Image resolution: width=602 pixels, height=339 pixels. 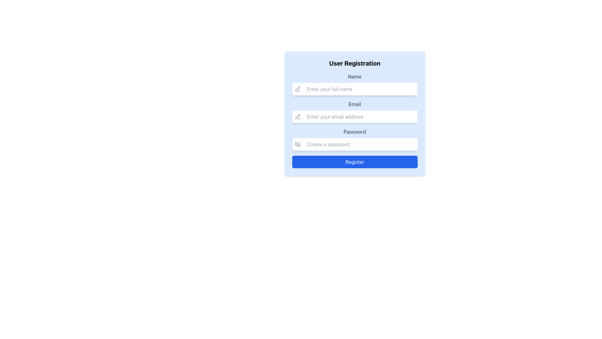 I want to click on the Password Input Field with Visibility Toggle, so click(x=355, y=144).